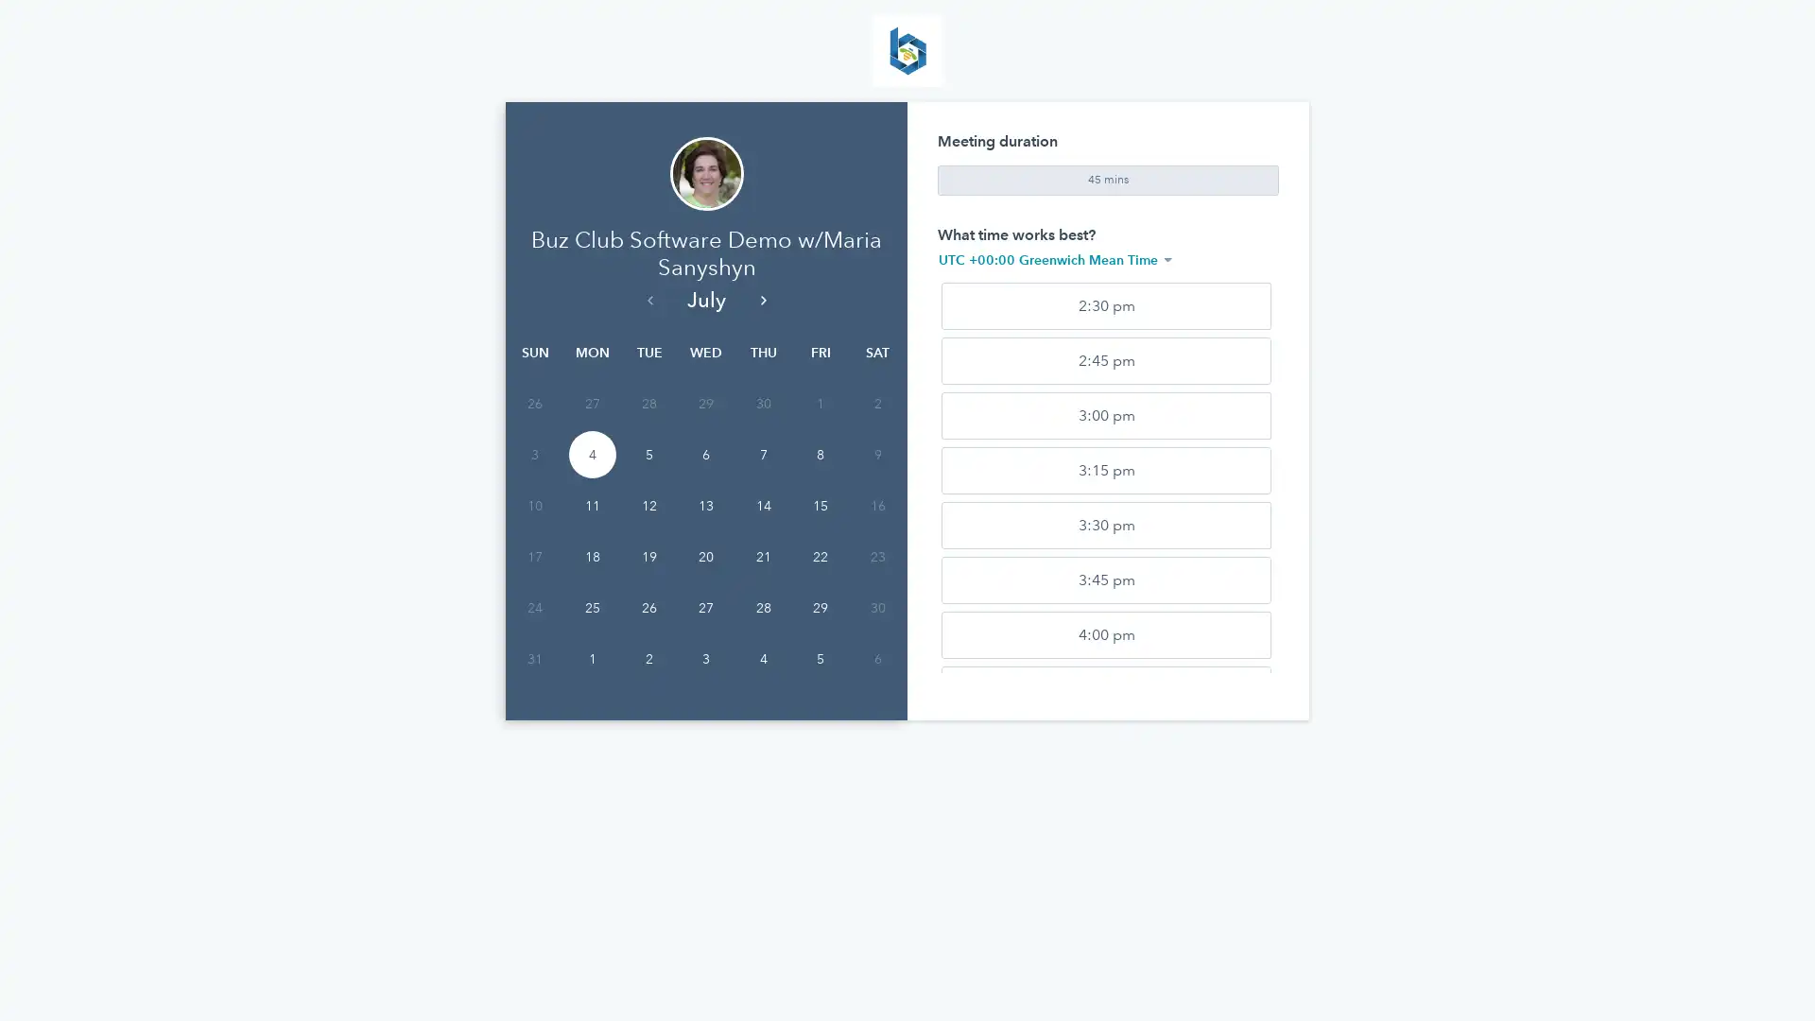 This screenshot has width=1815, height=1021. What do you see at coordinates (705, 658) in the screenshot?
I see `August 3rd` at bounding box center [705, 658].